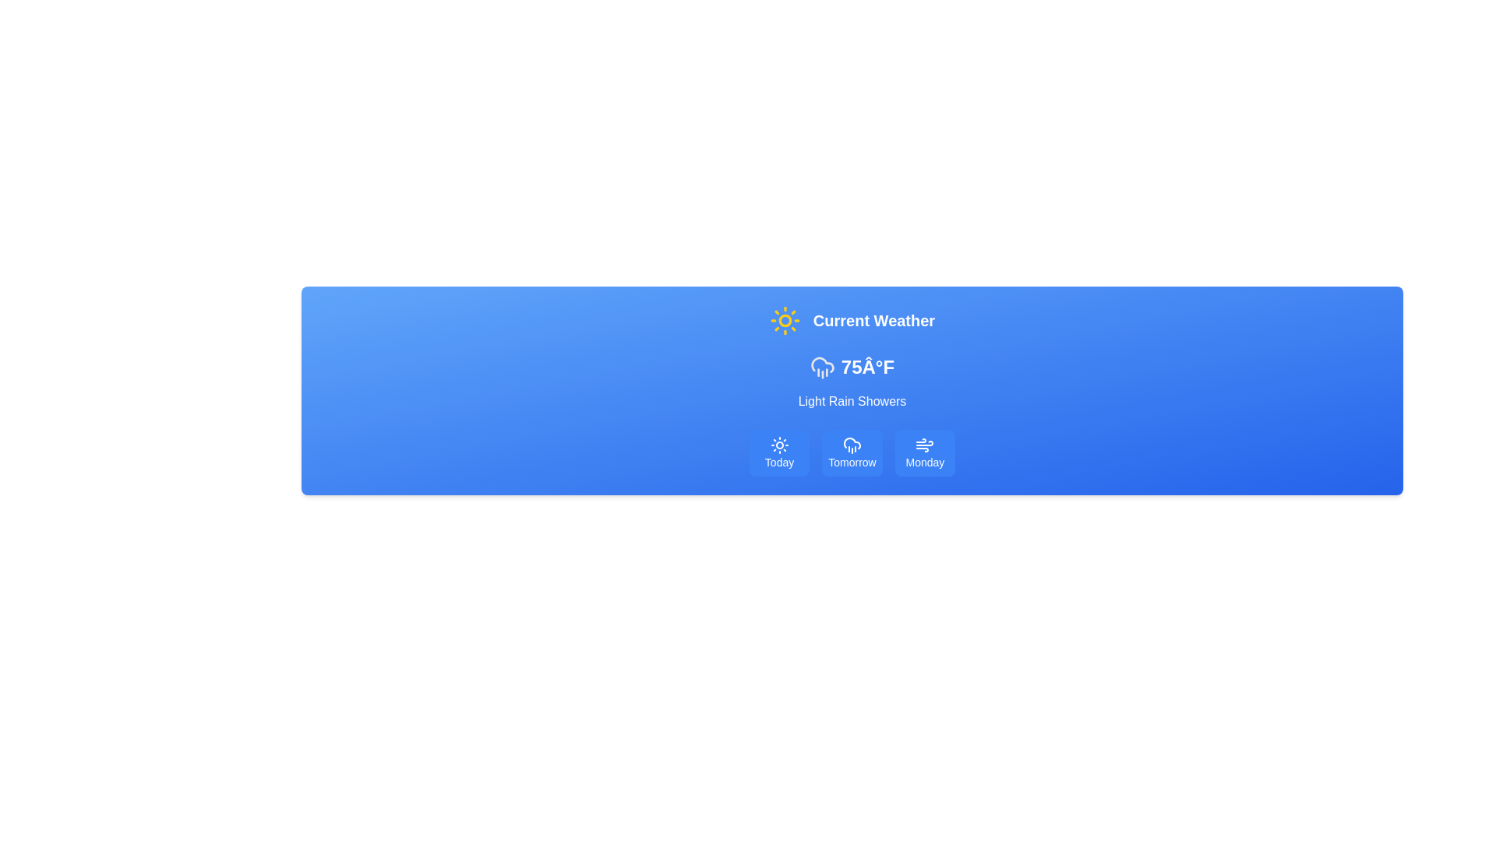  What do you see at coordinates (779, 445) in the screenshot?
I see `the sun-shaped icon, which has a circular center with radiating lines, located in the bottom-left corner of the 'Today' card within a blue panel` at bounding box center [779, 445].